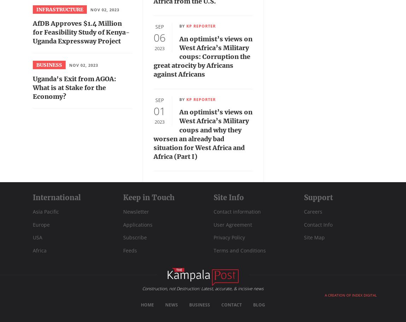  Describe the element at coordinates (37, 237) in the screenshot. I see `'USA'` at that location.